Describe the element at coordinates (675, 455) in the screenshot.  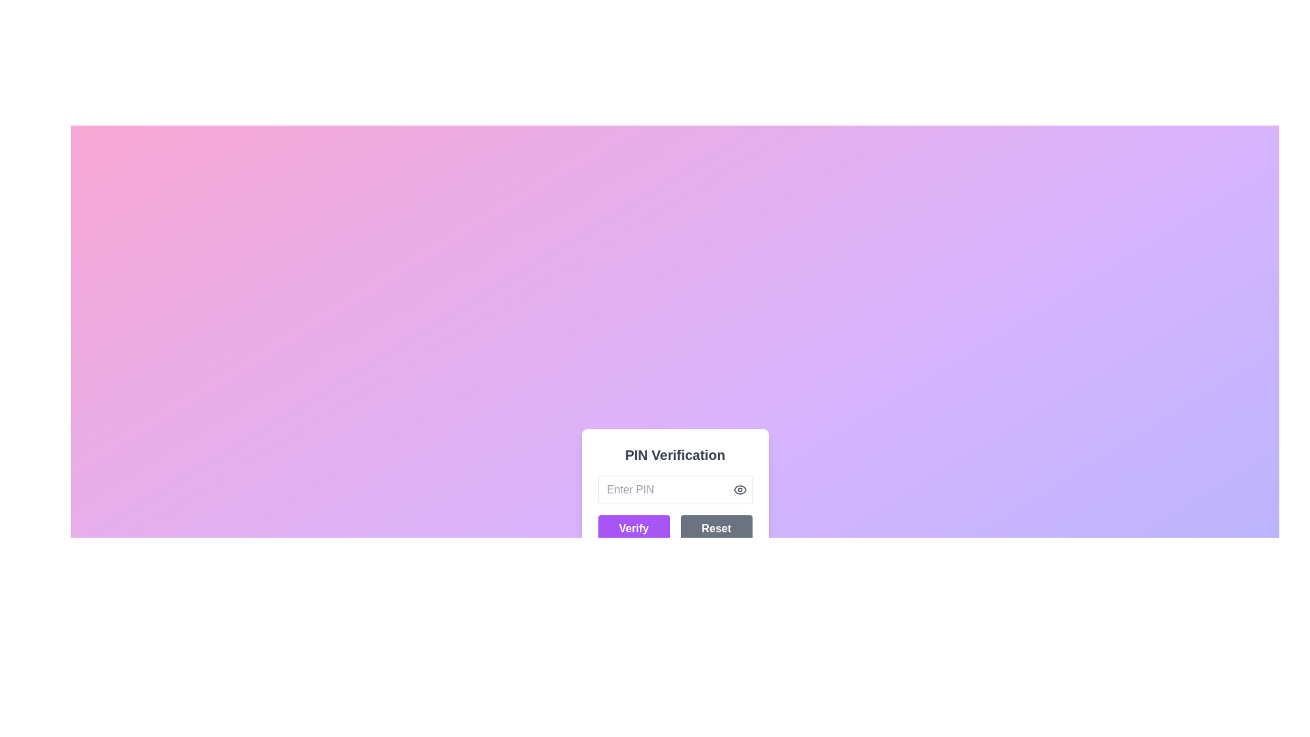
I see `the text heading reading 'PIN Verification', which is styled in bold gray color and centrally aligned at the top of the PIN verification input interface` at that location.